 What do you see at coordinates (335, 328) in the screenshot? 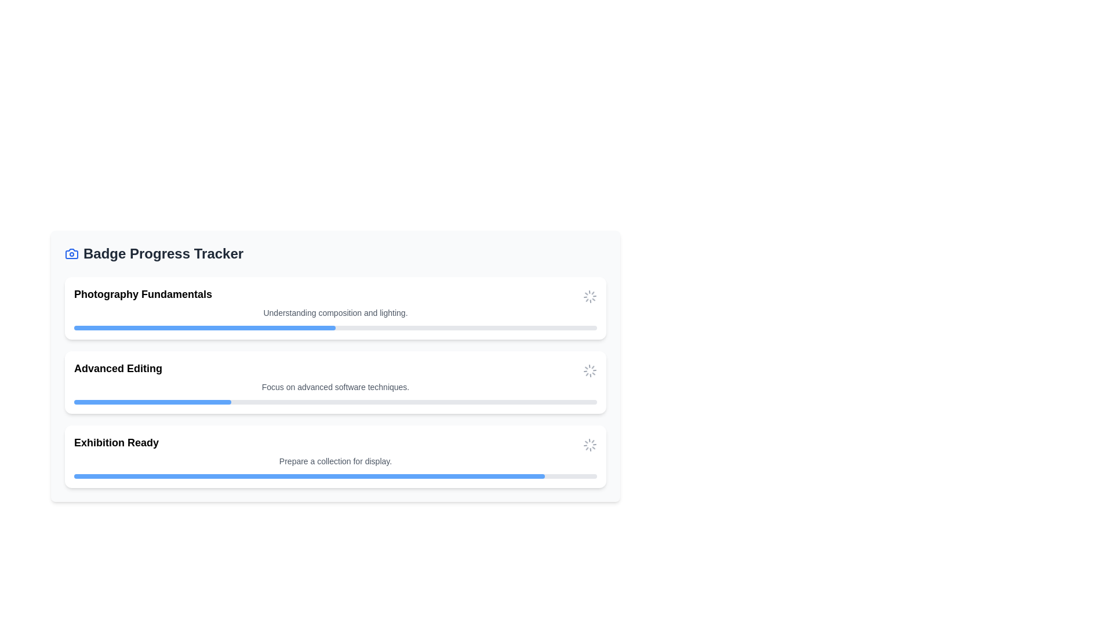
I see `the progress completion state of the horizontal progress bar located inside the 'Photography Fundamentals' box, directly below the description text 'Understanding composition and lighting'` at bounding box center [335, 328].